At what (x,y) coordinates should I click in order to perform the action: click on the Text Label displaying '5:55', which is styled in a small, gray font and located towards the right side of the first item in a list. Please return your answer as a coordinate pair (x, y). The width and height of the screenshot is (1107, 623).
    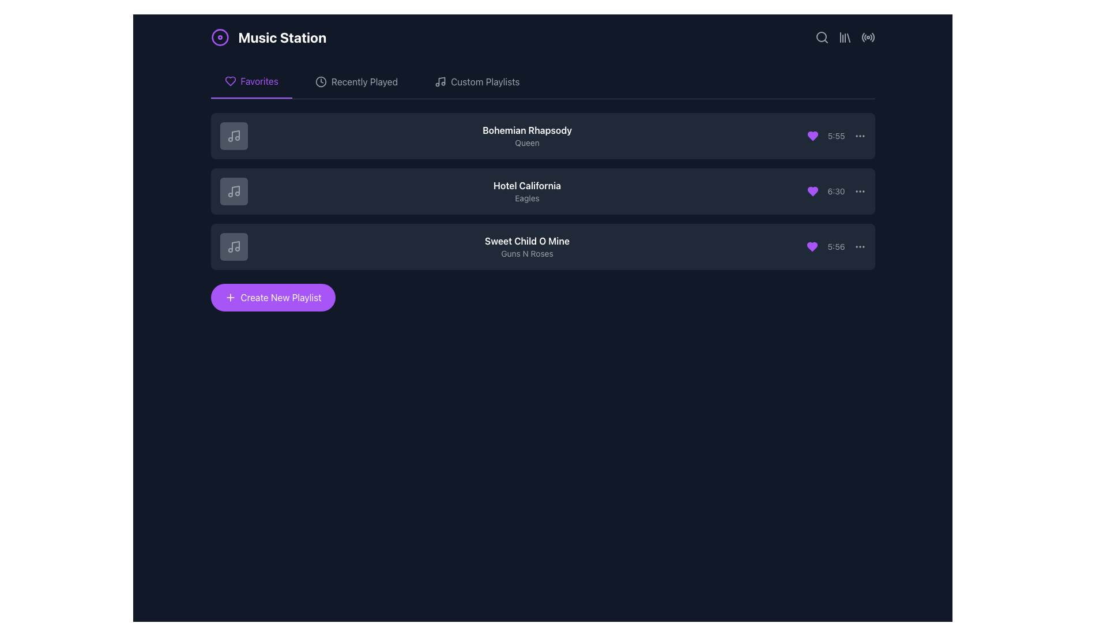
    Looking at the image, I should click on (836, 135).